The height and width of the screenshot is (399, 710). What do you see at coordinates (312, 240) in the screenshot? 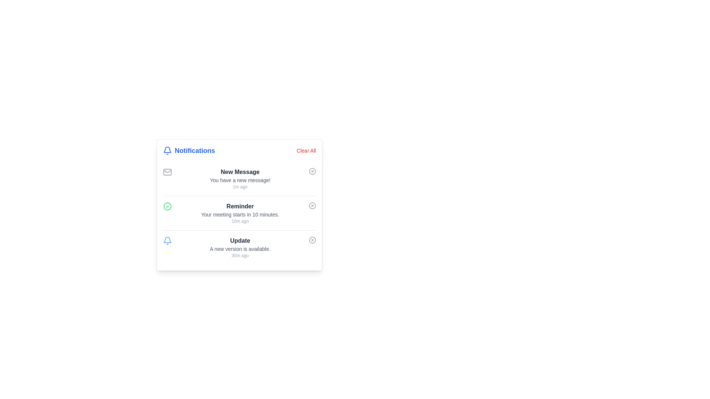
I see `the circular gray icon button with an 'X' mark inside, located in the lower right area of the 'Update' notification item` at bounding box center [312, 240].